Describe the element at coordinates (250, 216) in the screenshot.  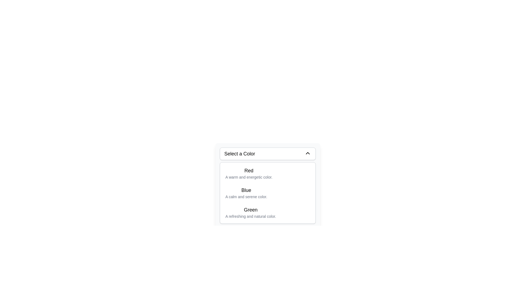
I see `the descriptive text element that provides additional information about the 'Green' option in the dropdown list, located directly below the 'Green' label` at that location.